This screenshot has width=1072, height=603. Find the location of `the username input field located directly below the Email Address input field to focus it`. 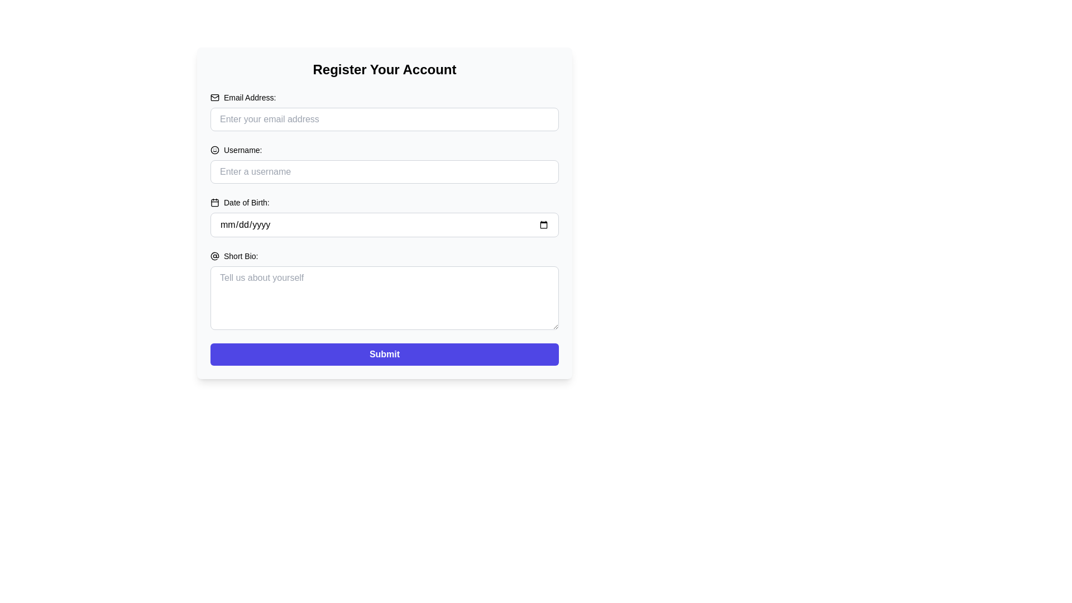

the username input field located directly below the Email Address input field to focus it is located at coordinates (385, 172).